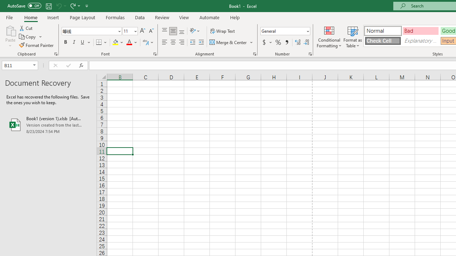 This screenshot has height=256, width=456. What do you see at coordinates (298, 42) in the screenshot?
I see `'Increase Decimal'` at bounding box center [298, 42].